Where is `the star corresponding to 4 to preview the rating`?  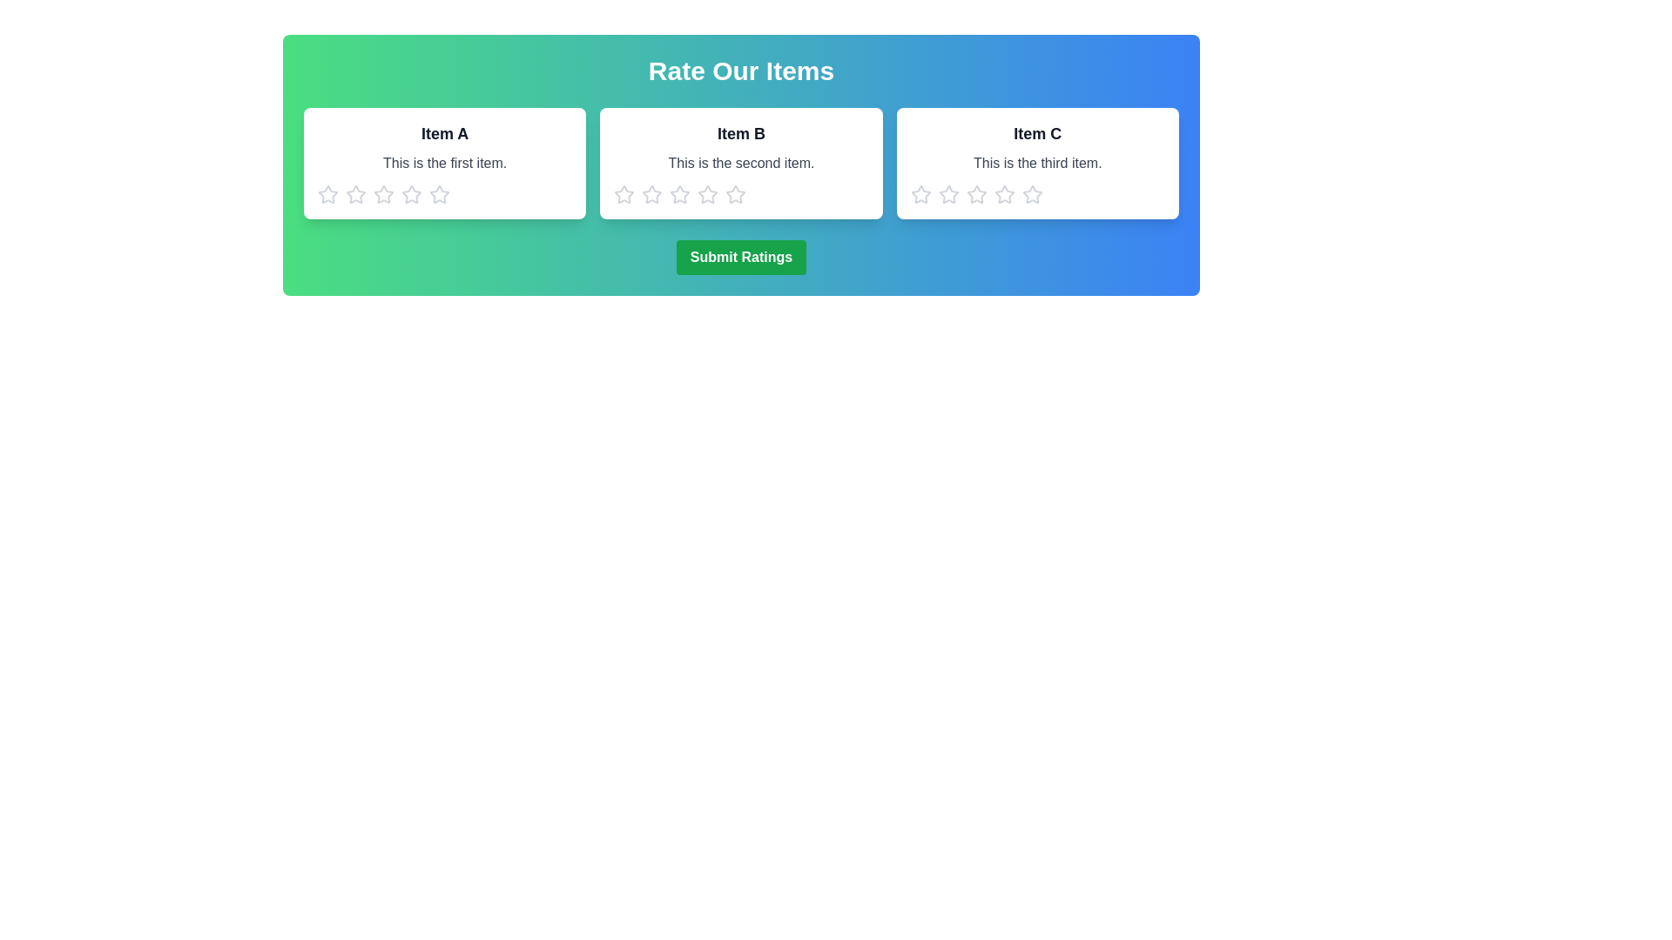
the star corresponding to 4 to preview the rating is located at coordinates (411, 194).